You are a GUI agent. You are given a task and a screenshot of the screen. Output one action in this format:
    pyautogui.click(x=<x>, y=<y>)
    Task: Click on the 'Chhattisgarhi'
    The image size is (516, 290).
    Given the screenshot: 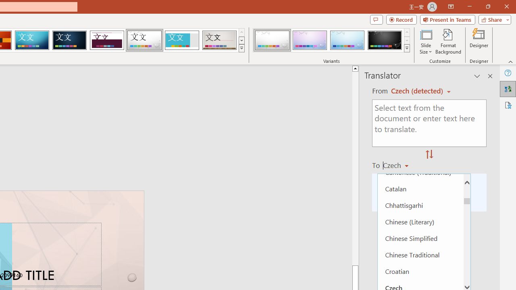 What is the action you would take?
    pyautogui.click(x=420, y=205)
    